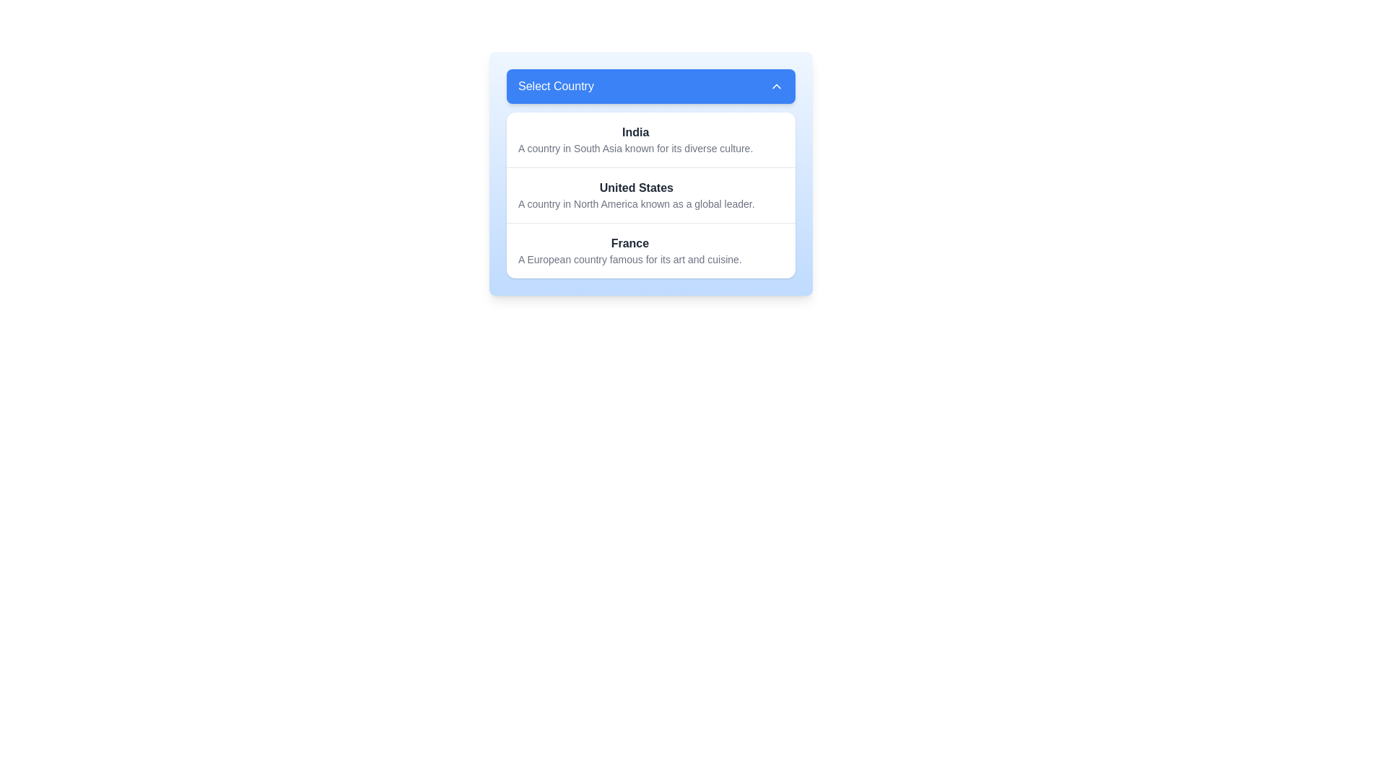  Describe the element at coordinates (635, 139) in the screenshot. I see `the first selectable item in the dropdown menu that provides information about 'India', which is located directly below the blue header labeled 'Select Country'` at that location.